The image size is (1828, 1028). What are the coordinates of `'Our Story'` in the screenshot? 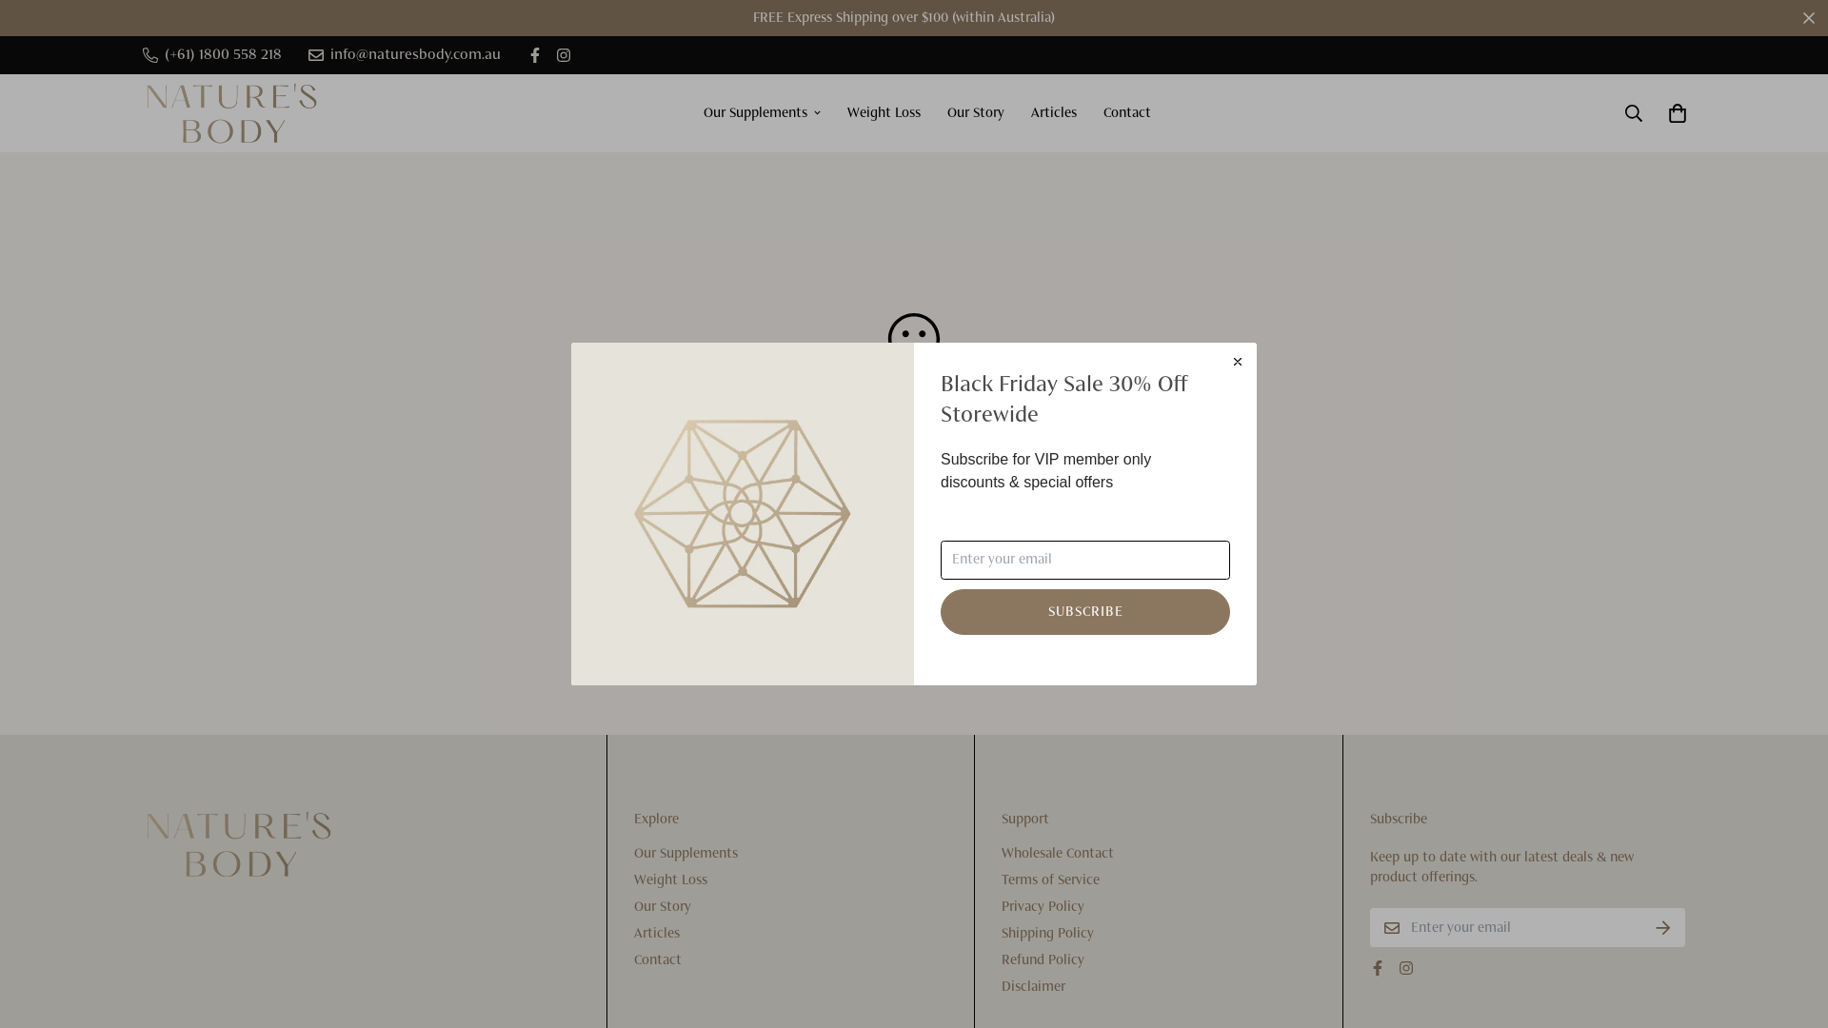 It's located at (663, 905).